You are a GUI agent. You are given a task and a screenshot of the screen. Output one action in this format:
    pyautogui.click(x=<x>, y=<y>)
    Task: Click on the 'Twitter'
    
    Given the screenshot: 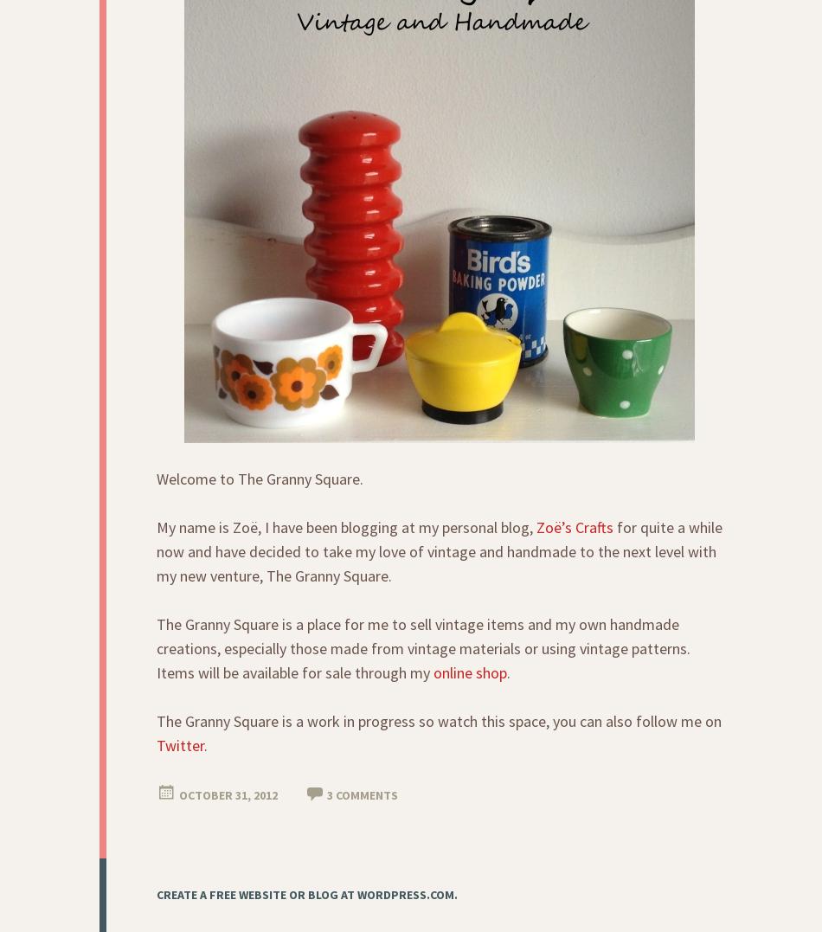 What is the action you would take?
    pyautogui.click(x=180, y=744)
    